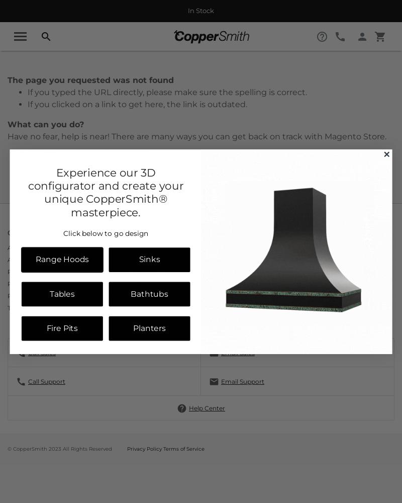  Describe the element at coordinates (167, 92) in the screenshot. I see `'If you typed the URL directly, please make sure the spelling is correct.'` at that location.